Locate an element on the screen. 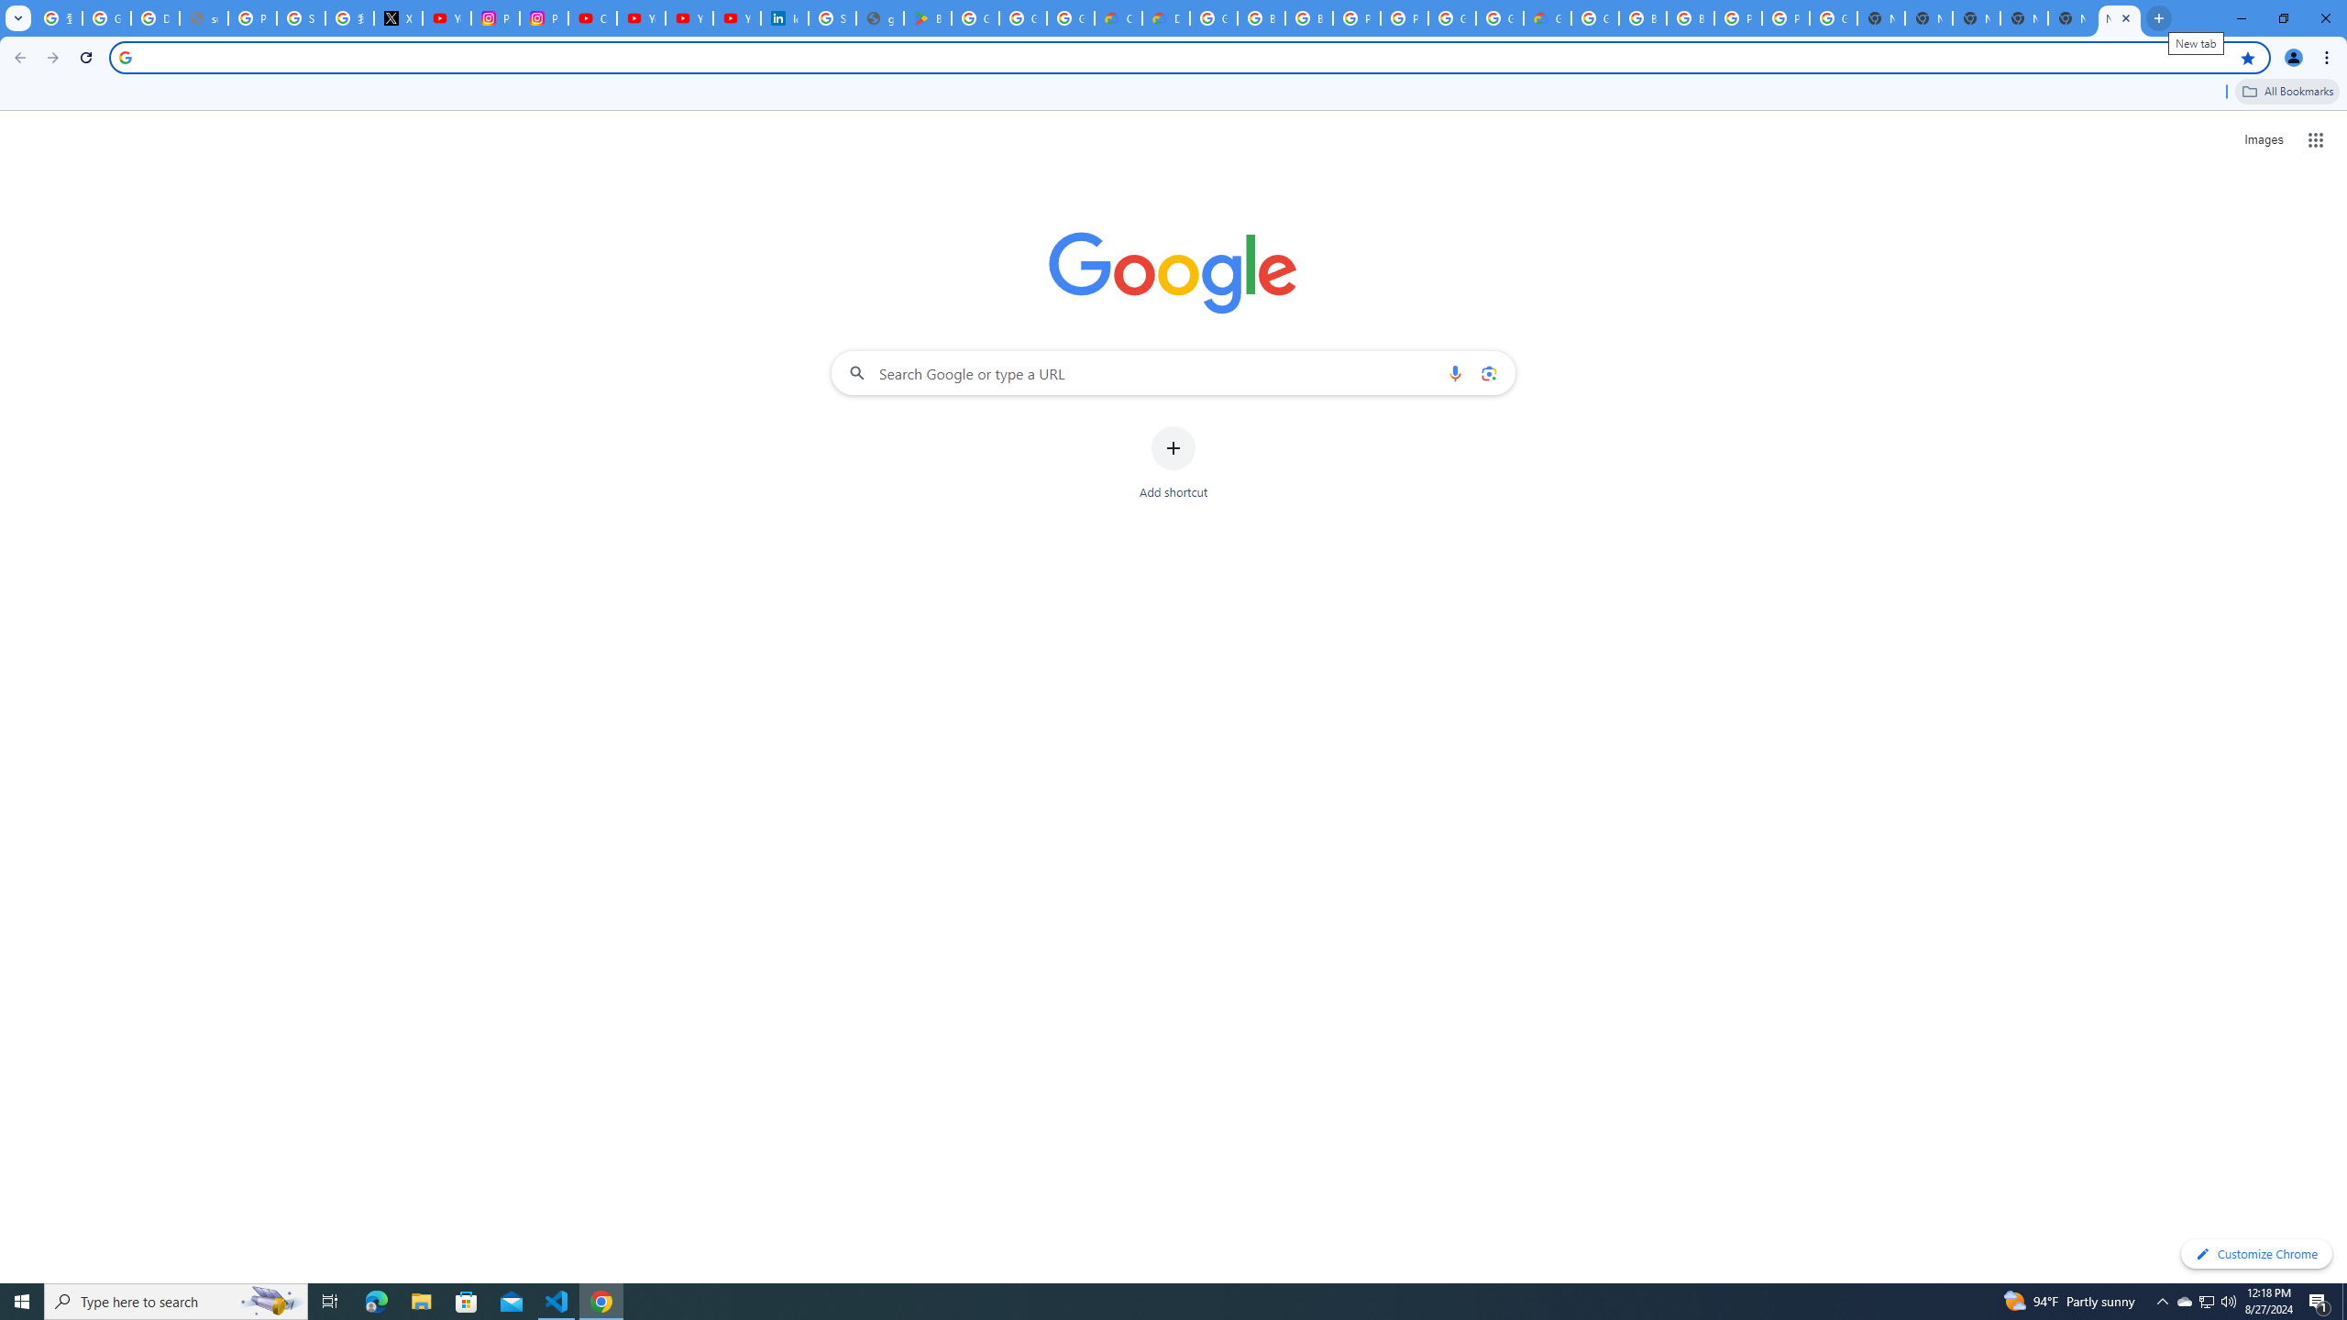 The image size is (2347, 1320). 'YouTube Culture & Trends - YouTube Top 10, 2021' is located at coordinates (736, 17).